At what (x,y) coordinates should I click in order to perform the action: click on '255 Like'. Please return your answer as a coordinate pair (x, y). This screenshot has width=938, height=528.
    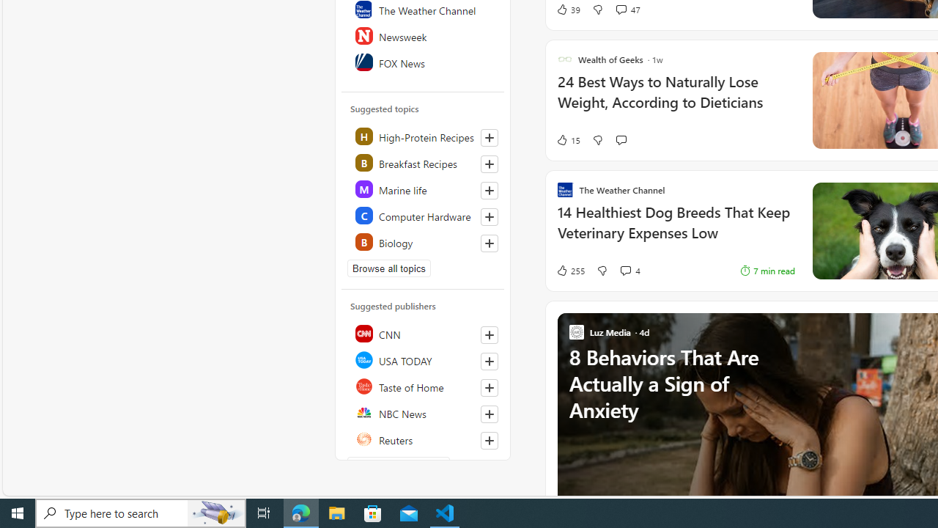
    Looking at the image, I should click on (569, 270).